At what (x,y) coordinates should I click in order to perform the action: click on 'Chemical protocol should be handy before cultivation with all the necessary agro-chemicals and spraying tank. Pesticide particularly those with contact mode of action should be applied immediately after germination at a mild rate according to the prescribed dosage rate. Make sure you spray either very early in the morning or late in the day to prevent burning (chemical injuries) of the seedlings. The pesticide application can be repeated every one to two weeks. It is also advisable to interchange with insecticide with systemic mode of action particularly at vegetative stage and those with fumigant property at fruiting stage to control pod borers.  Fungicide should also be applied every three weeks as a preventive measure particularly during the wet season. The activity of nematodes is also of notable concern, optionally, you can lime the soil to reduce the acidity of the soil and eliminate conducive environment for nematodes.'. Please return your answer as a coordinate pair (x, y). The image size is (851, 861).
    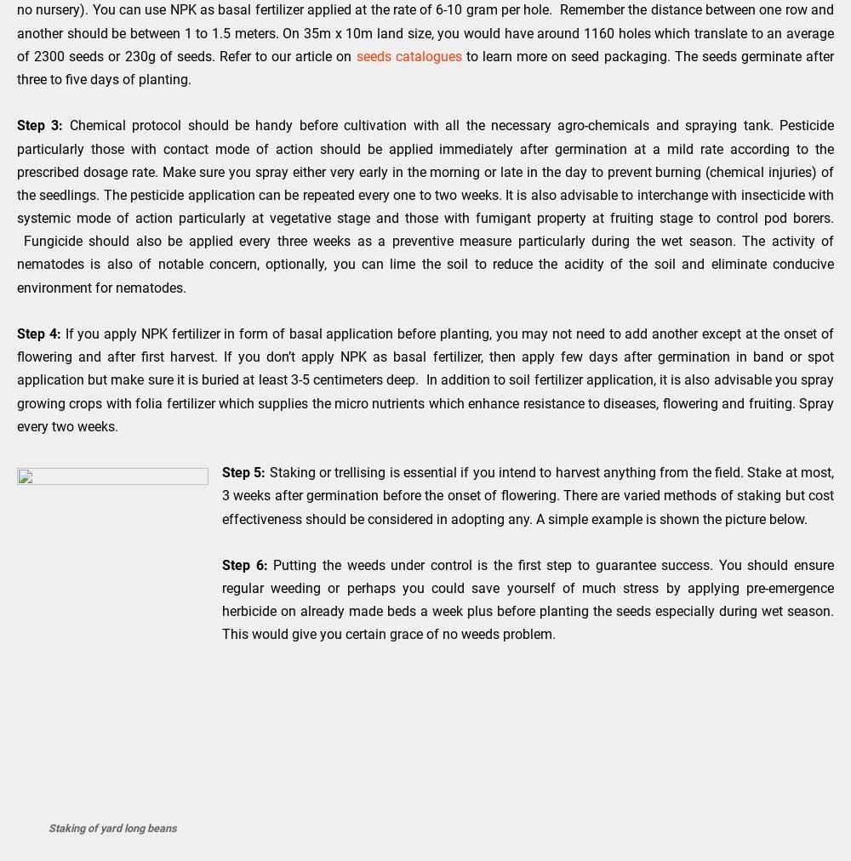
    Looking at the image, I should click on (425, 206).